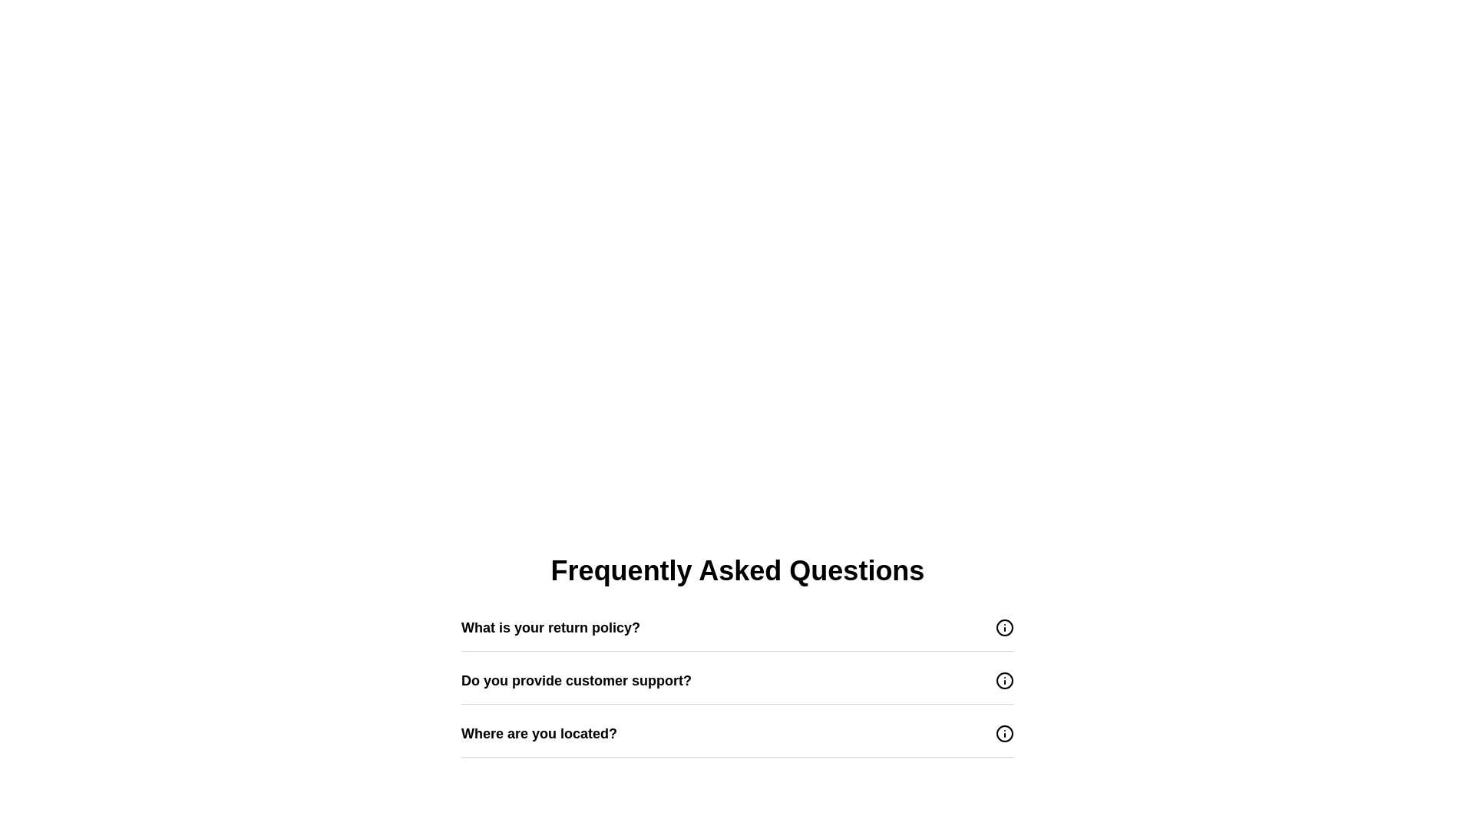 This screenshot has width=1474, height=829. I want to click on the left-aligned text label displaying a frequently asked question regarding return policies in the FAQ section, so click(550, 627).